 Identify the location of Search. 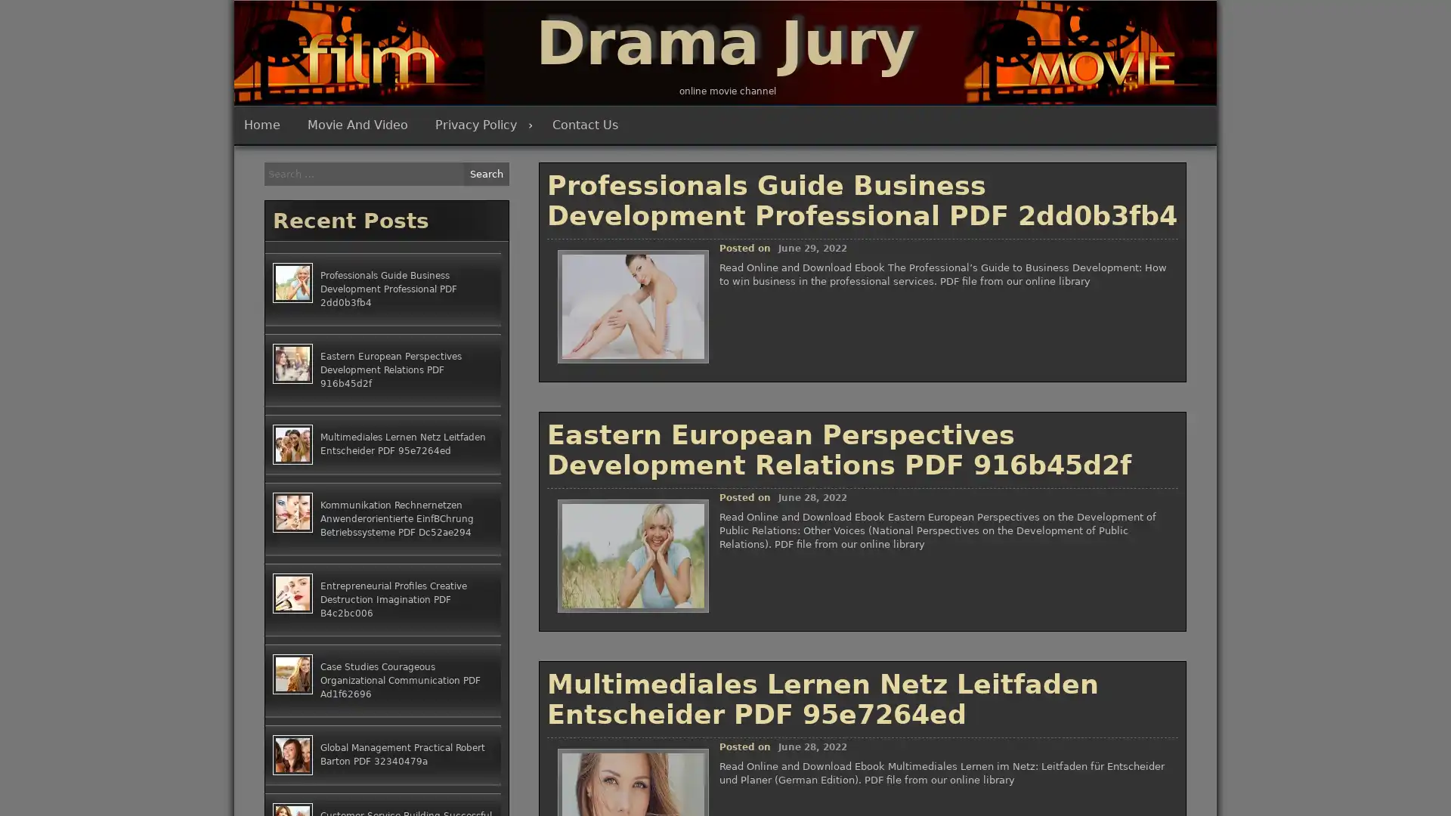
(486, 173).